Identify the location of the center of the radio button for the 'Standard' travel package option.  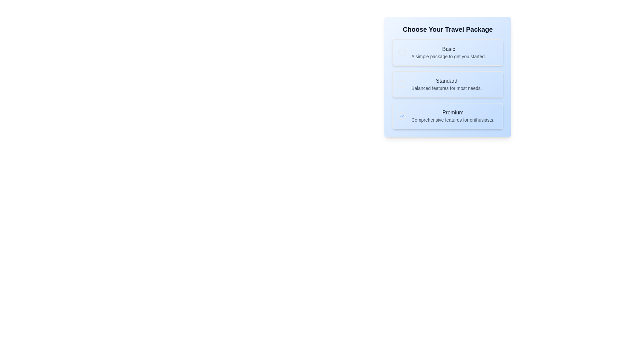
(402, 84).